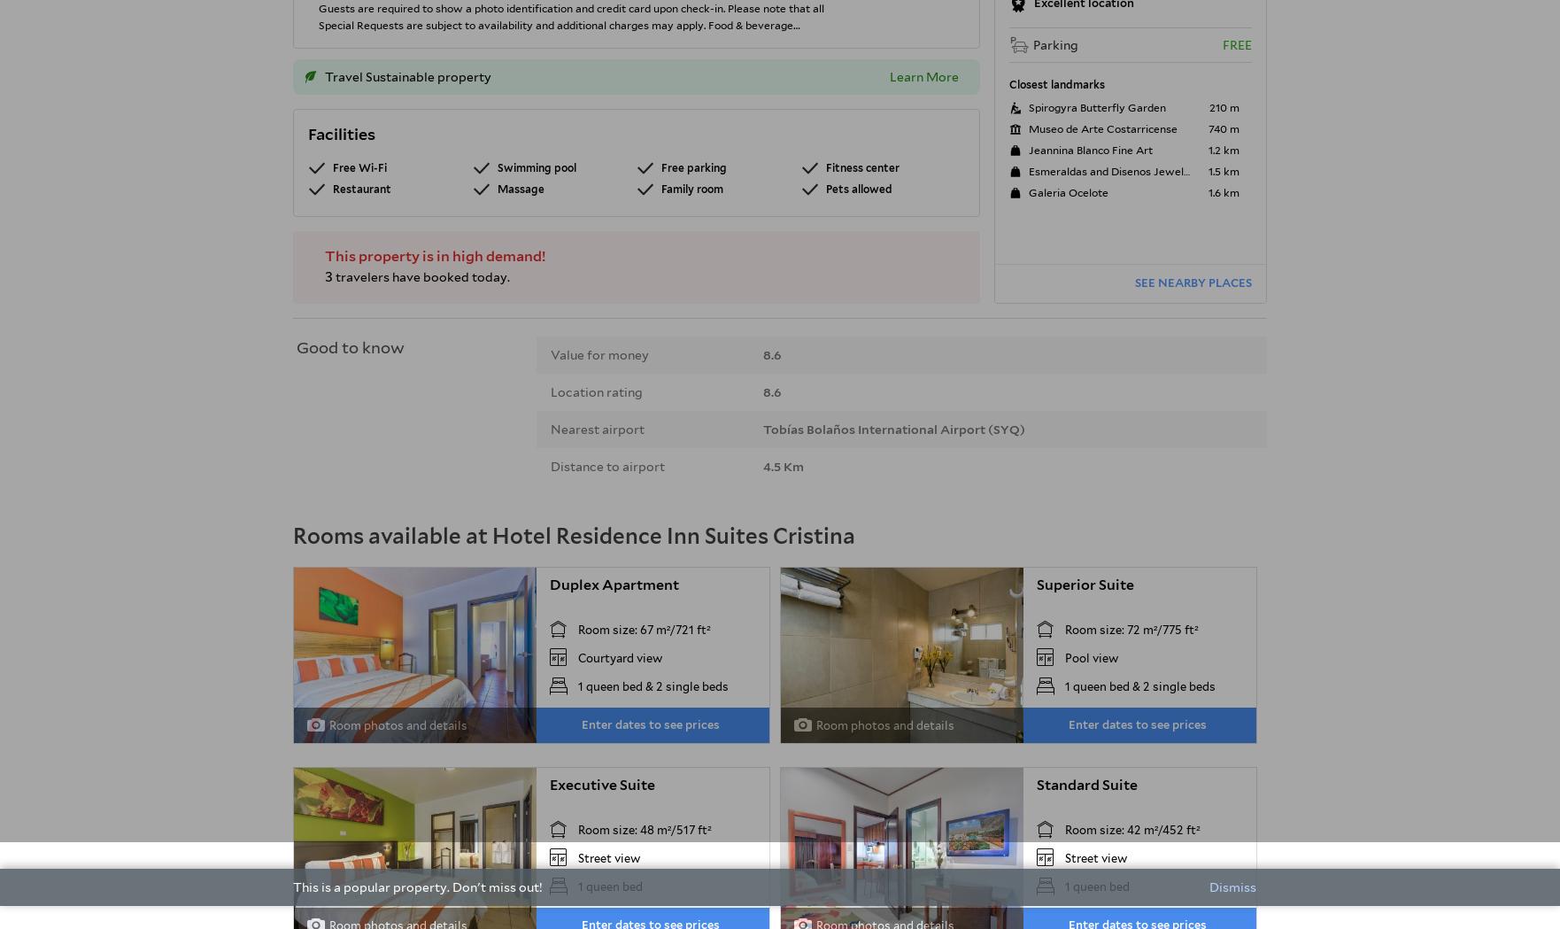 This screenshot has height=929, width=1560. I want to click on 'Swimming pool', so click(535, 166).